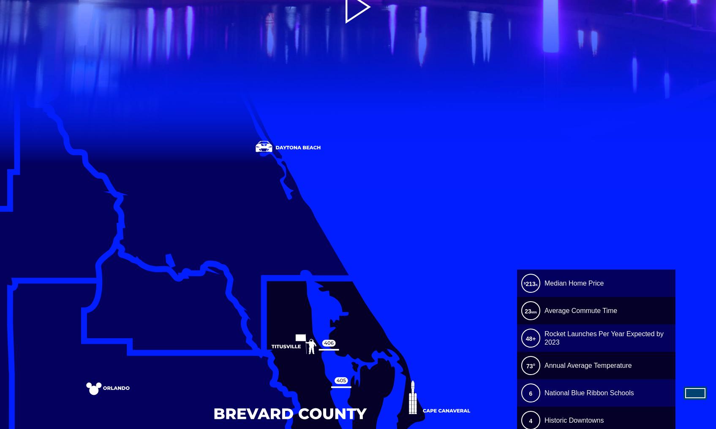 This screenshot has width=716, height=429. What do you see at coordinates (574, 420) in the screenshot?
I see `'Historic Downtowns'` at bounding box center [574, 420].